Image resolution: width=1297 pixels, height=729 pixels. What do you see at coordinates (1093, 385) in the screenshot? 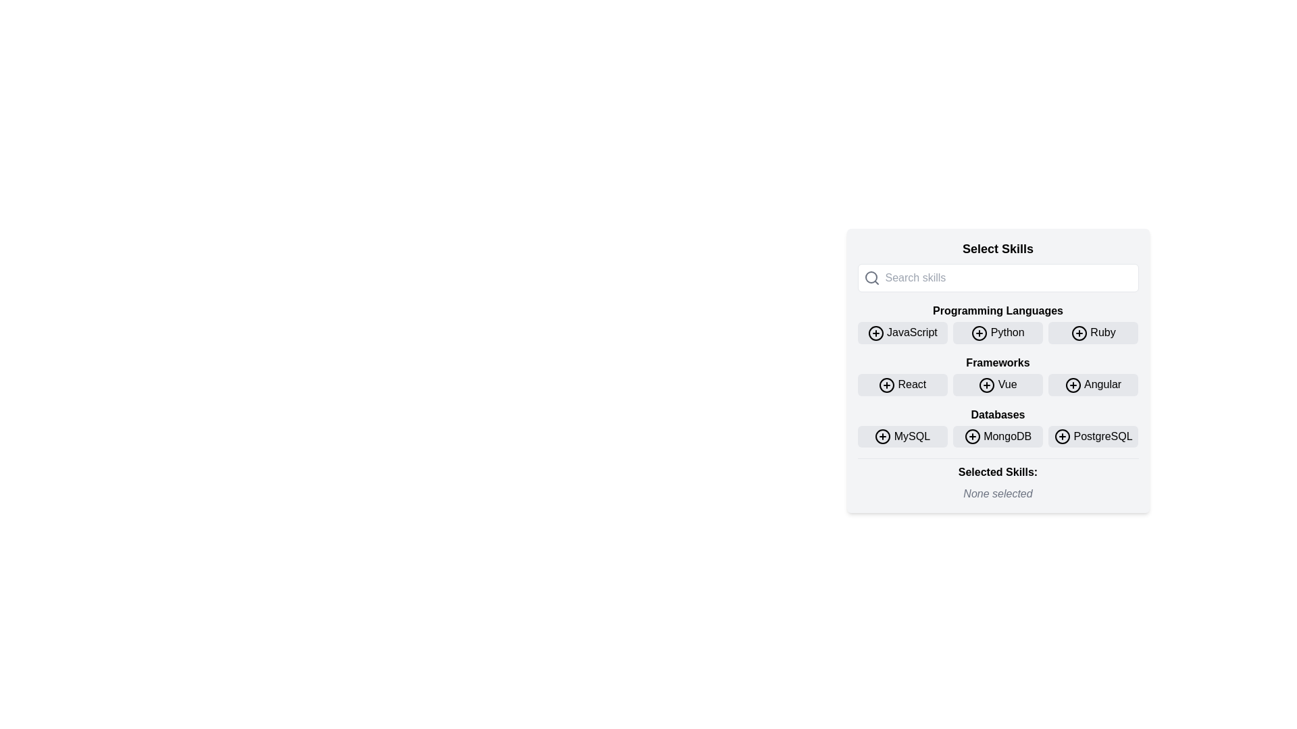
I see `the third button under the 'Frameworks' section` at bounding box center [1093, 385].